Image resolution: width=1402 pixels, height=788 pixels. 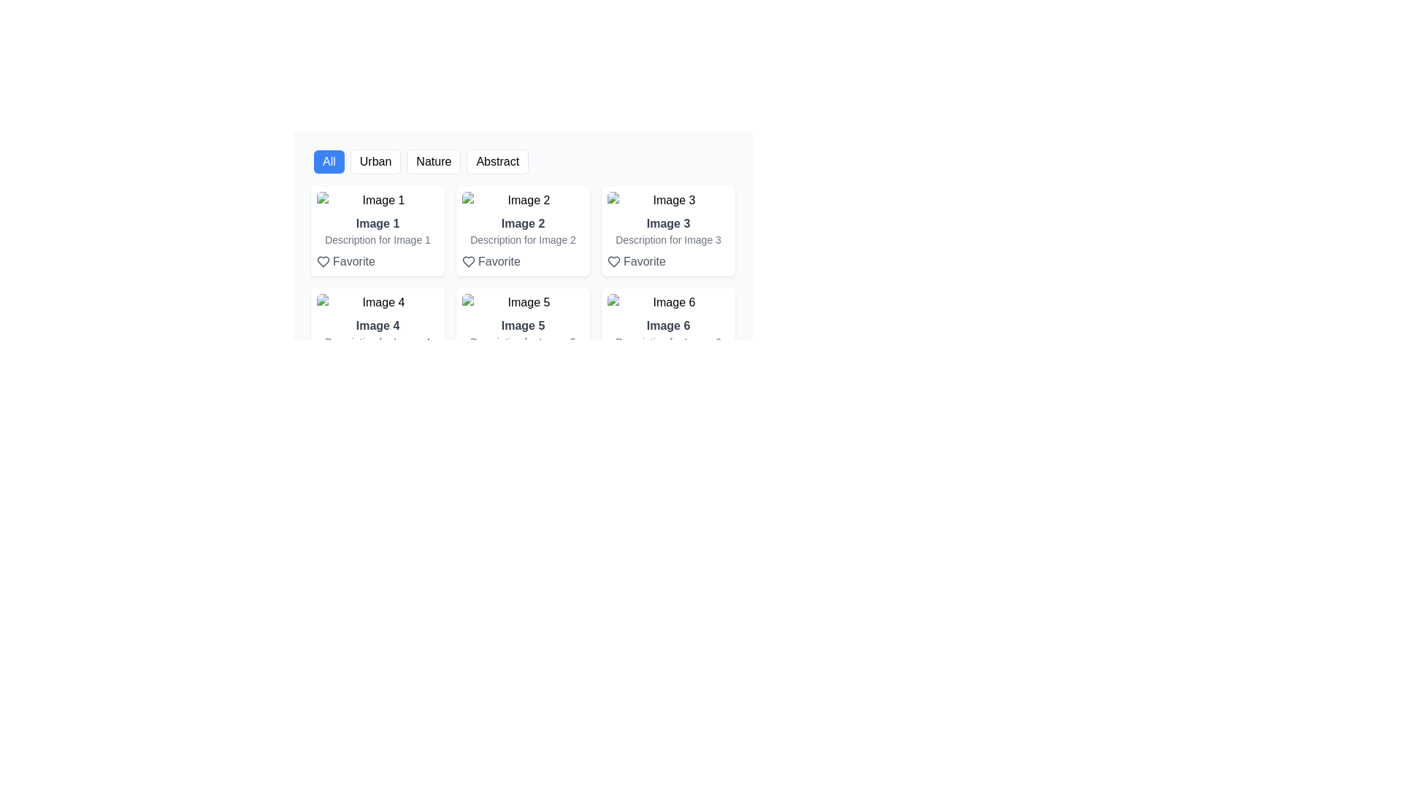 What do you see at coordinates (523, 242) in the screenshot?
I see `the favorite button on the composite card located in the top row and middle column of the grid layout by using keyboard navigation` at bounding box center [523, 242].